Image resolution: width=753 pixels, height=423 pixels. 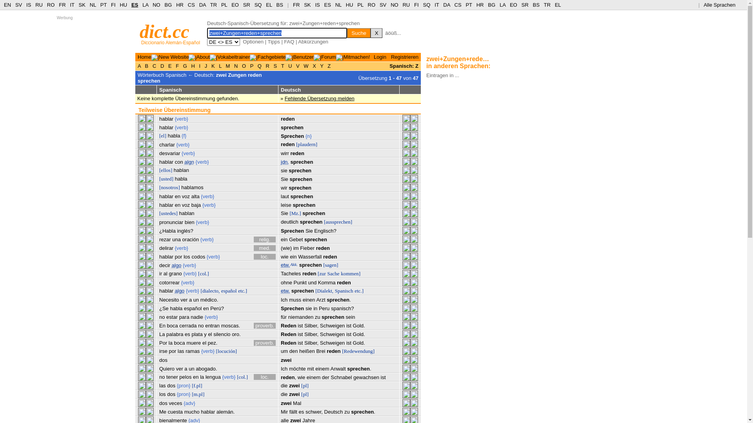 I want to click on 'dos', so click(x=171, y=394).